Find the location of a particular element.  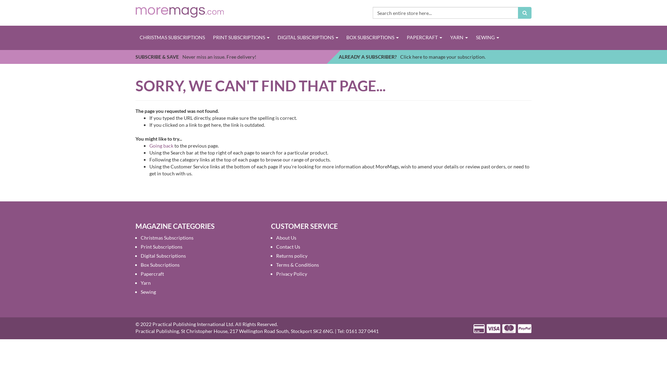

'Papercraft' is located at coordinates (140, 273).